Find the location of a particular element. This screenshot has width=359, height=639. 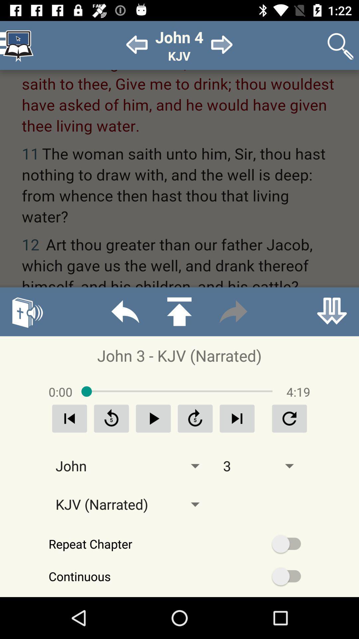

the av_rewind icon is located at coordinates (111, 418).